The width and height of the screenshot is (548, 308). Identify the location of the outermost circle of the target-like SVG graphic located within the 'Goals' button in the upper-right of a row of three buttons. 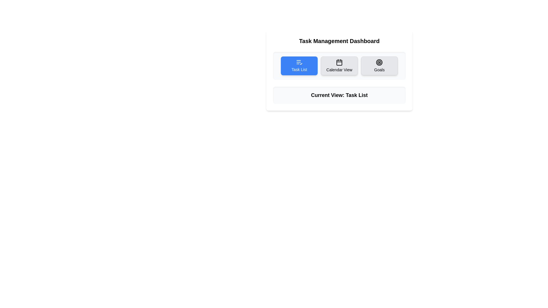
(379, 62).